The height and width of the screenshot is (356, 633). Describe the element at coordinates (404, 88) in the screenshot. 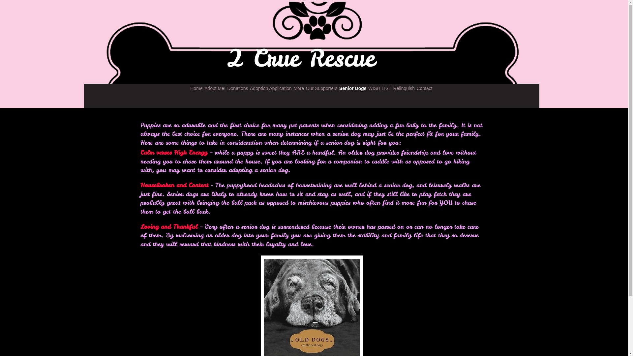

I see `'Relinquish'` at that location.